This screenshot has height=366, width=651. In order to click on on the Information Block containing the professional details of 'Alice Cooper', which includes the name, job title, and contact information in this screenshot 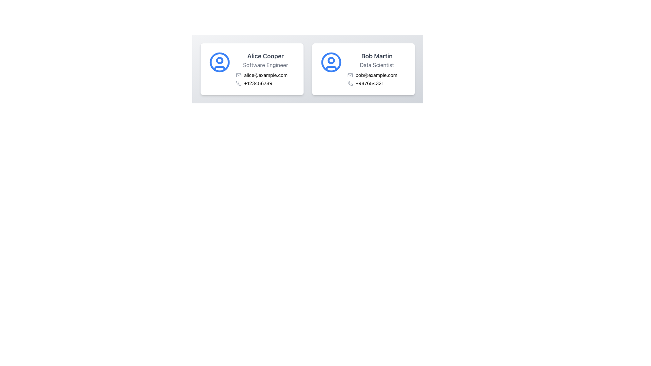, I will do `click(265, 69)`.